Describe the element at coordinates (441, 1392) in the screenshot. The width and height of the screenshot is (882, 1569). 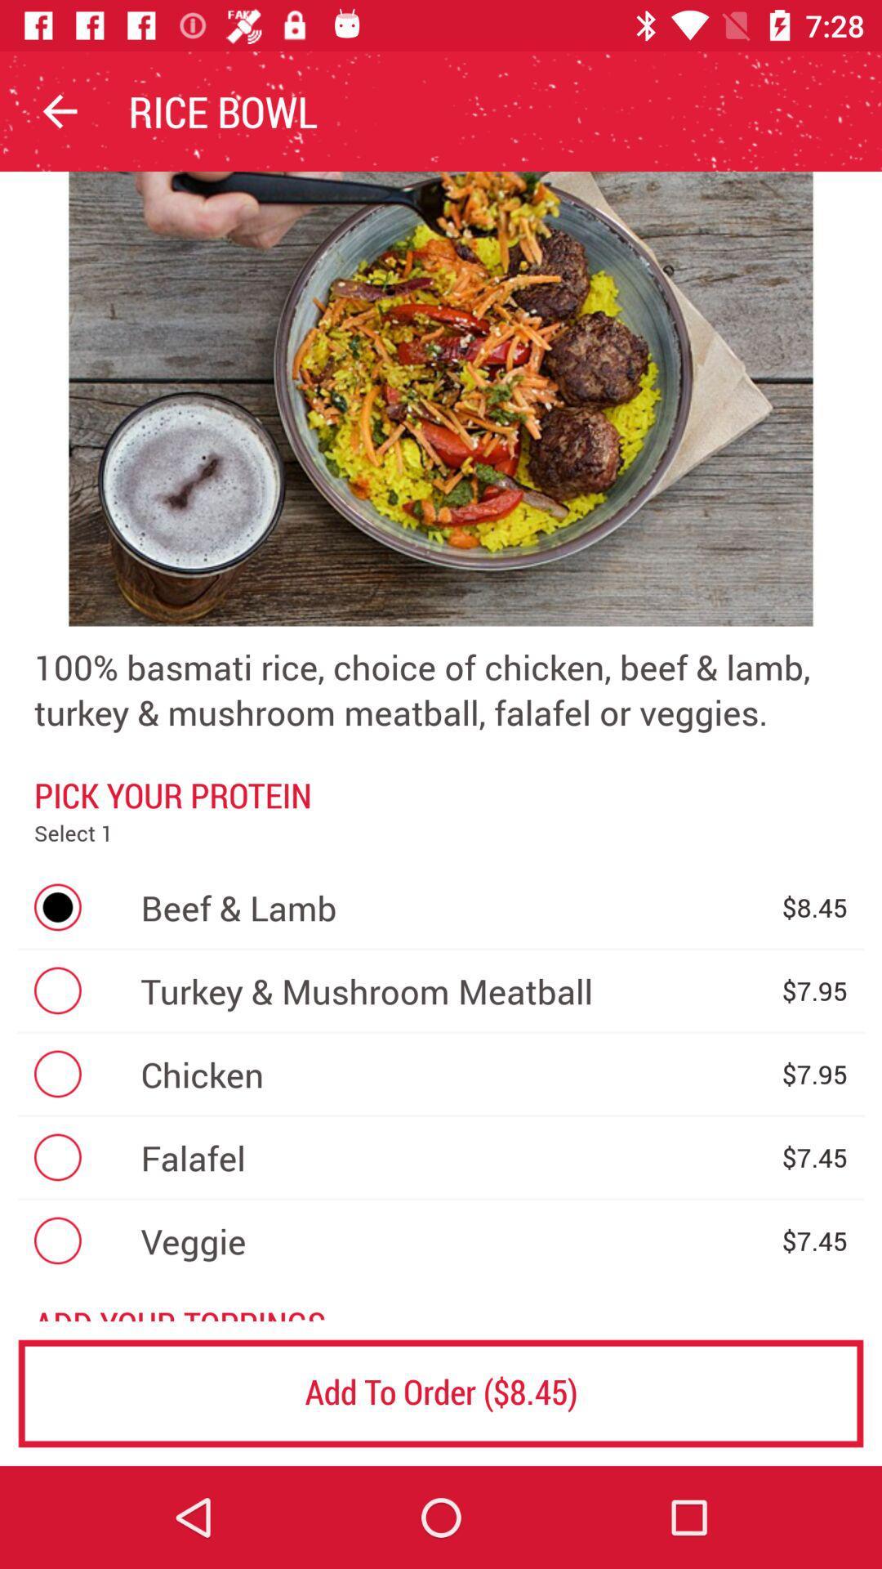
I see `the icon below the add your toppings item` at that location.